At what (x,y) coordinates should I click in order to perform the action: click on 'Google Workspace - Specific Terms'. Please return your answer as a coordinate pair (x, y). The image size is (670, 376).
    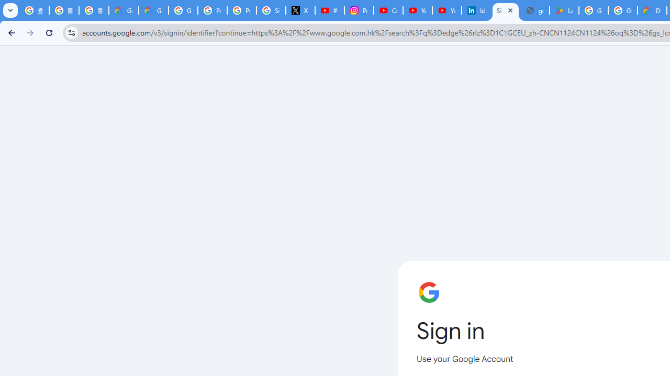
    Looking at the image, I should click on (623, 10).